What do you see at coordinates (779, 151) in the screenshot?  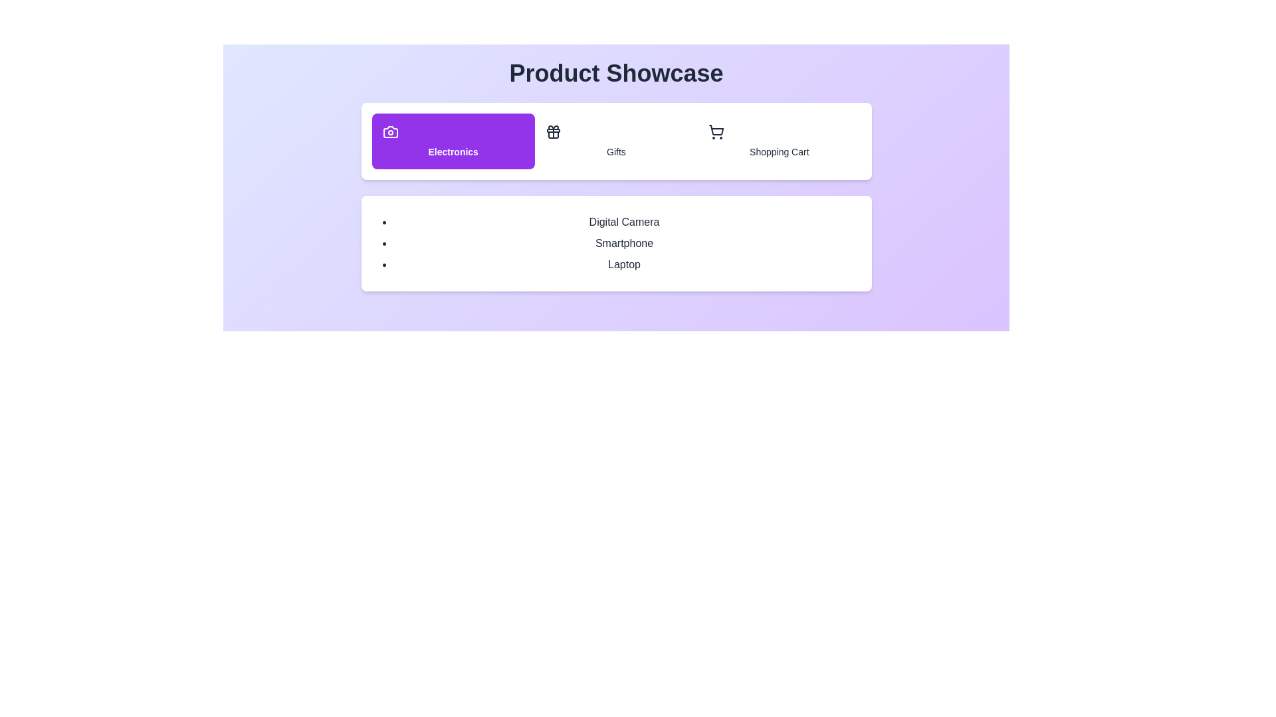 I see `the 'Shopping Cart' static text label located in the upper-right section of the navigation menu, which visually pairs with the shopping cart icon above it` at bounding box center [779, 151].